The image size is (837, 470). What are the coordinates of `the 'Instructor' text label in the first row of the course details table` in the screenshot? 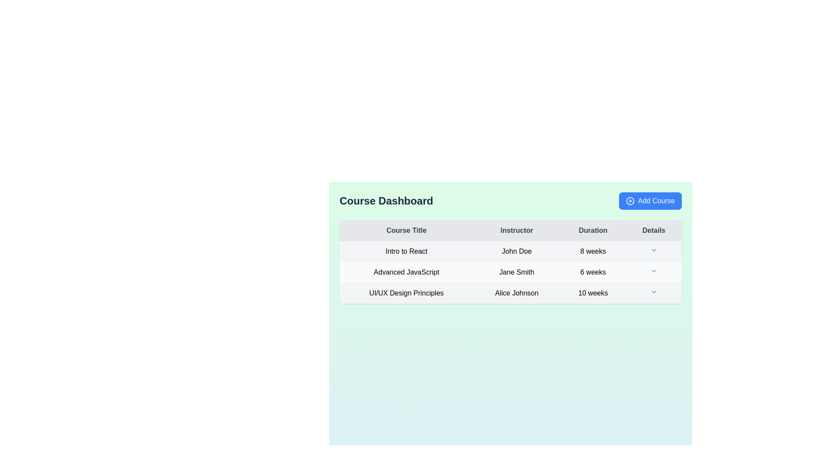 It's located at (517, 252).